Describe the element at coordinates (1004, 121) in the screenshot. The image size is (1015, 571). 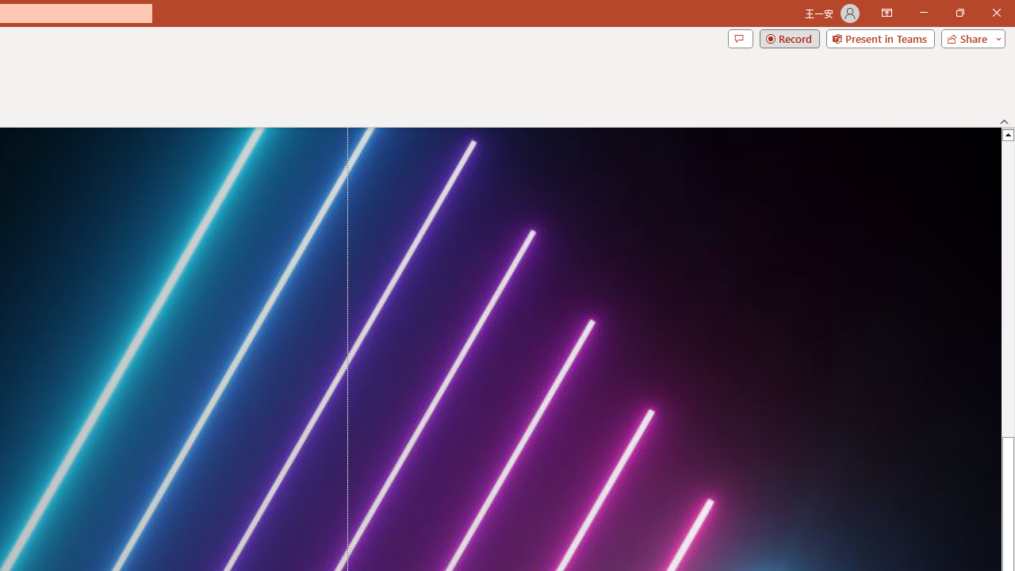
I see `'Collapse the Ribbon'` at that location.